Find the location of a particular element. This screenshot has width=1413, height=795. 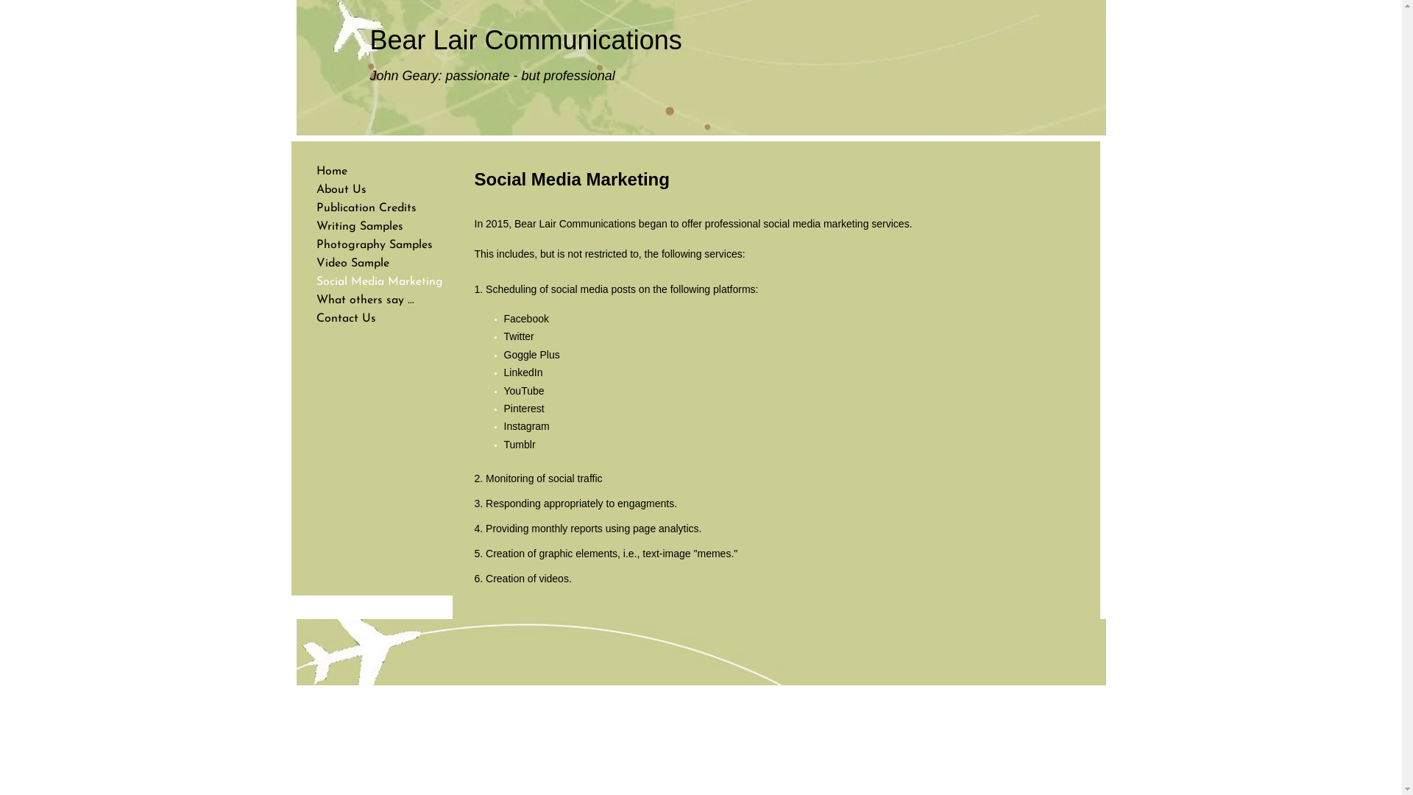

'About Us' is located at coordinates (341, 189).